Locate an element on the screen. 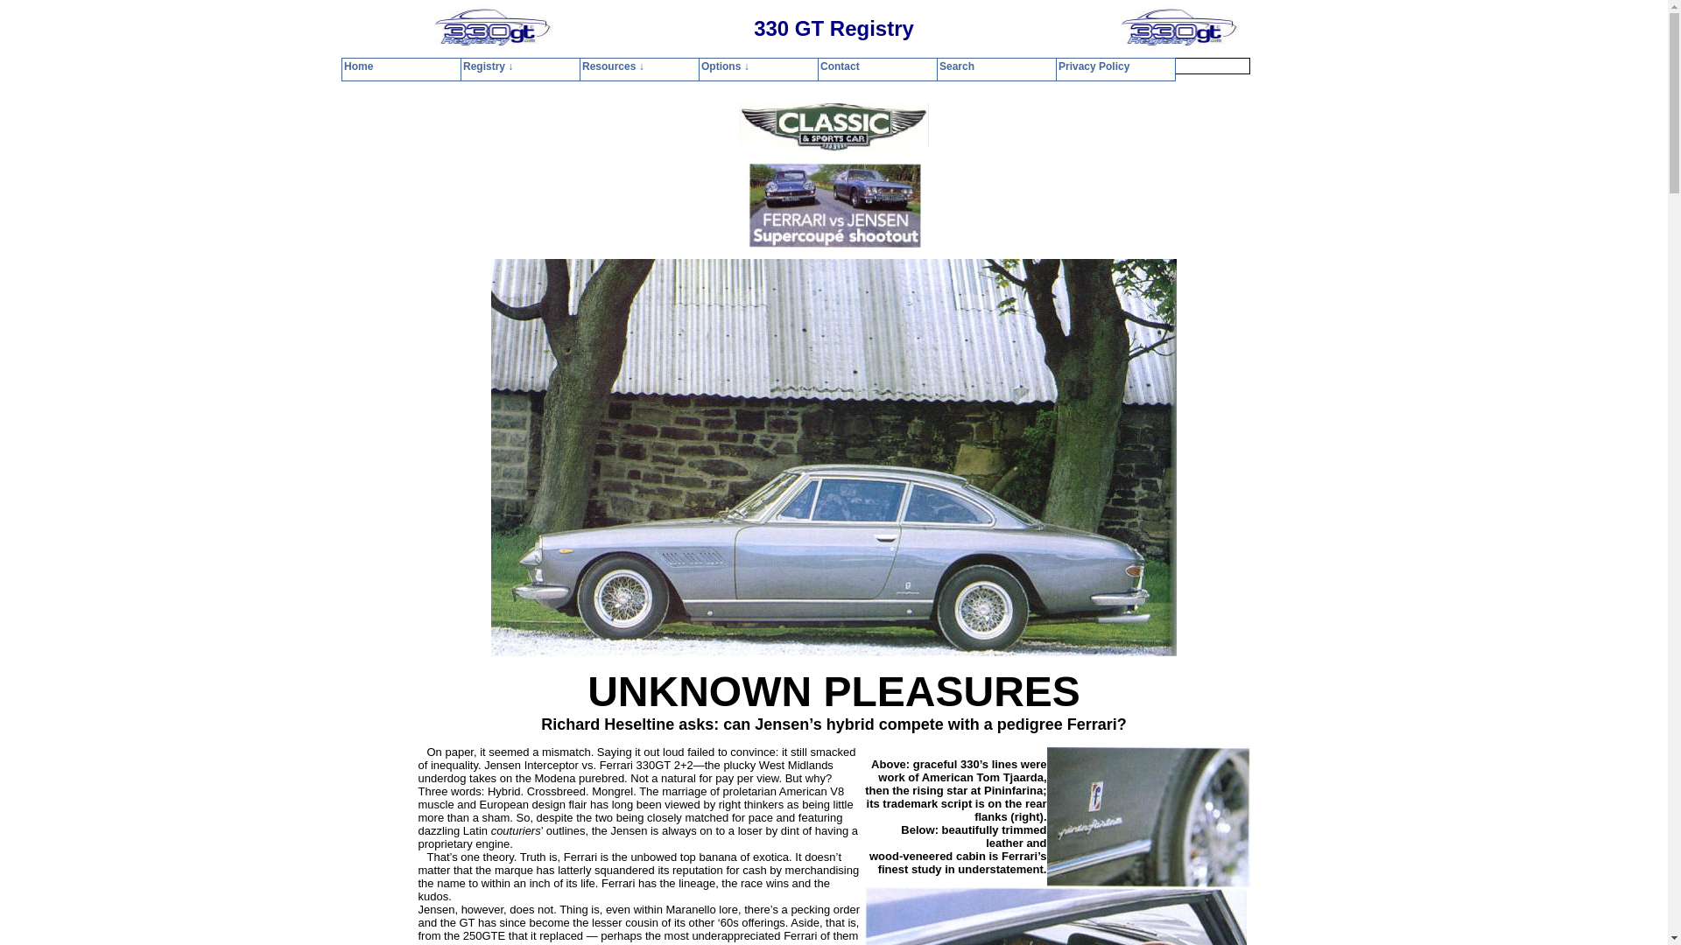 This screenshot has height=945, width=1681. 'Search' is located at coordinates (925, 65).